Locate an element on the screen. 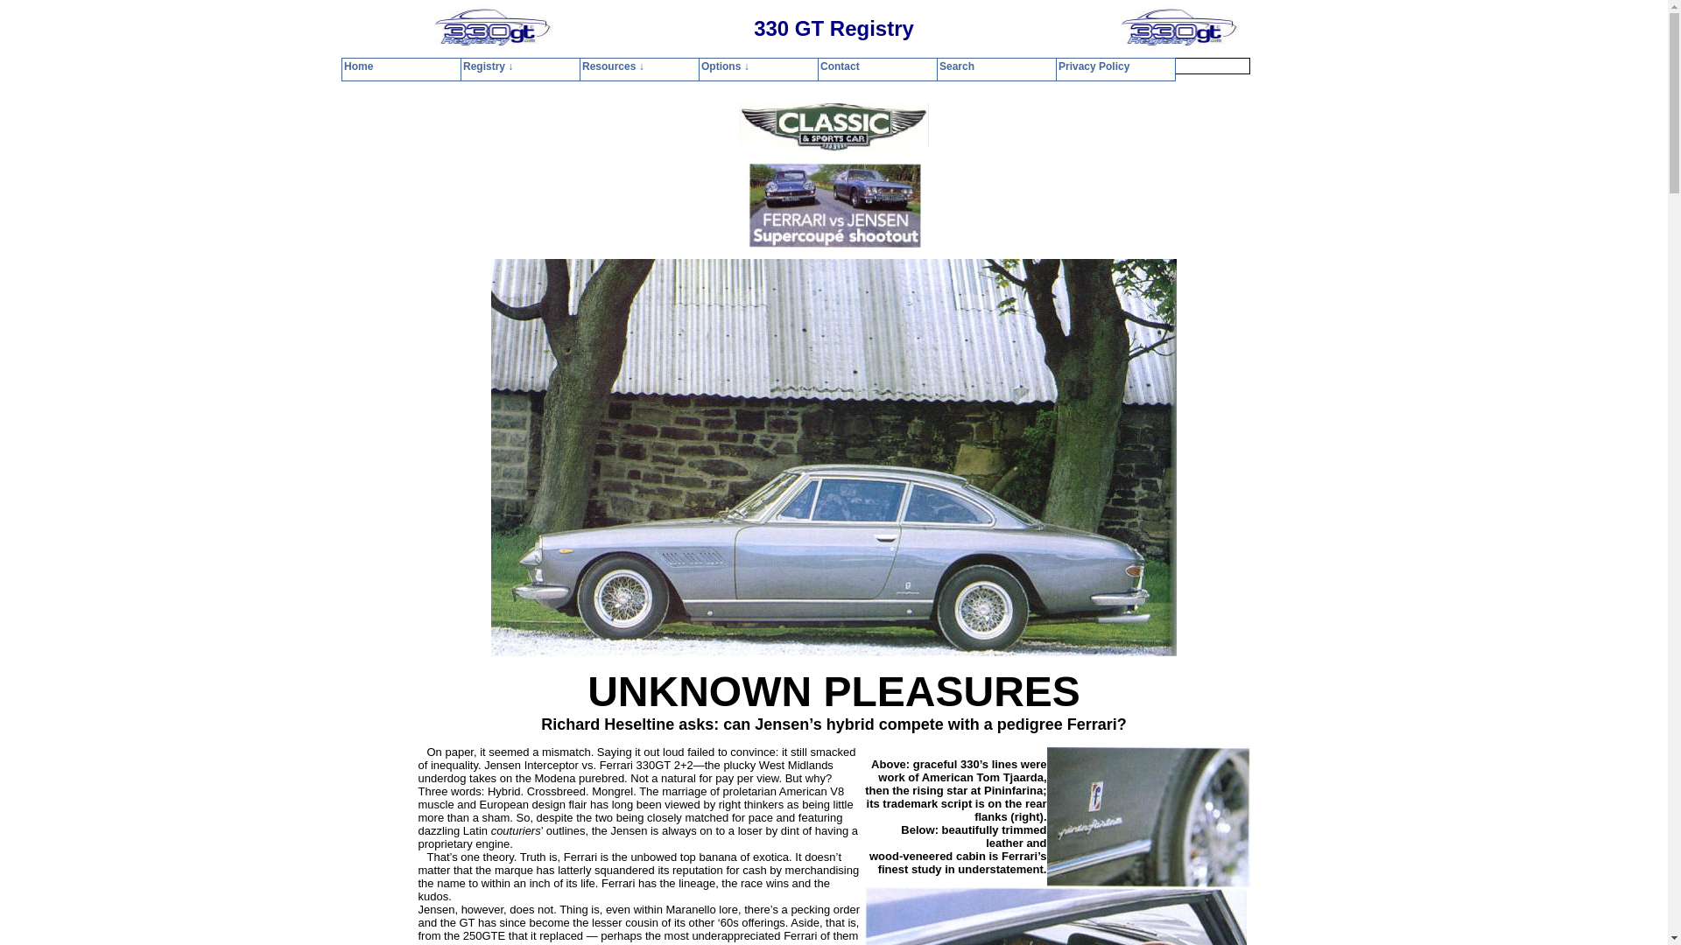 This screenshot has height=945, width=1681. 'Search' is located at coordinates (925, 65).